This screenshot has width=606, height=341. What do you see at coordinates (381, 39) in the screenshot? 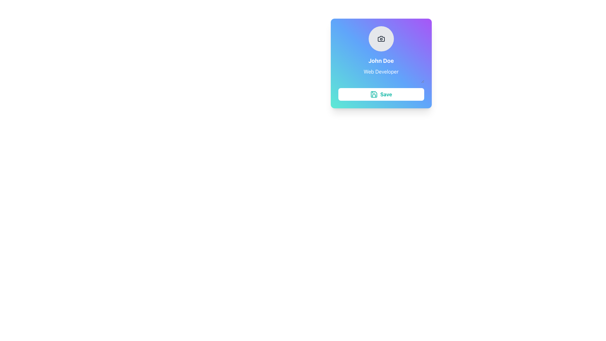
I see `the stylized camera icon located above the user name and title text in the bottom right of the containing bounding box` at bounding box center [381, 39].